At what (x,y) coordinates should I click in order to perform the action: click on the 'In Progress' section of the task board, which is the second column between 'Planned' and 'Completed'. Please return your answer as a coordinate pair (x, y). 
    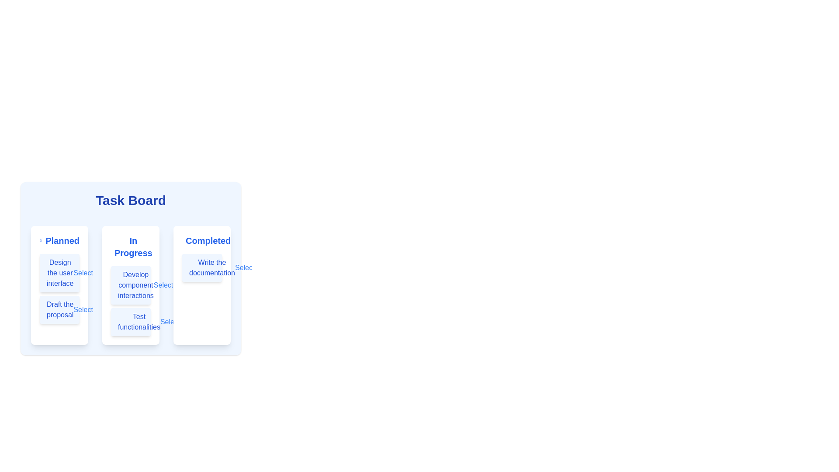
    Looking at the image, I should click on (130, 285).